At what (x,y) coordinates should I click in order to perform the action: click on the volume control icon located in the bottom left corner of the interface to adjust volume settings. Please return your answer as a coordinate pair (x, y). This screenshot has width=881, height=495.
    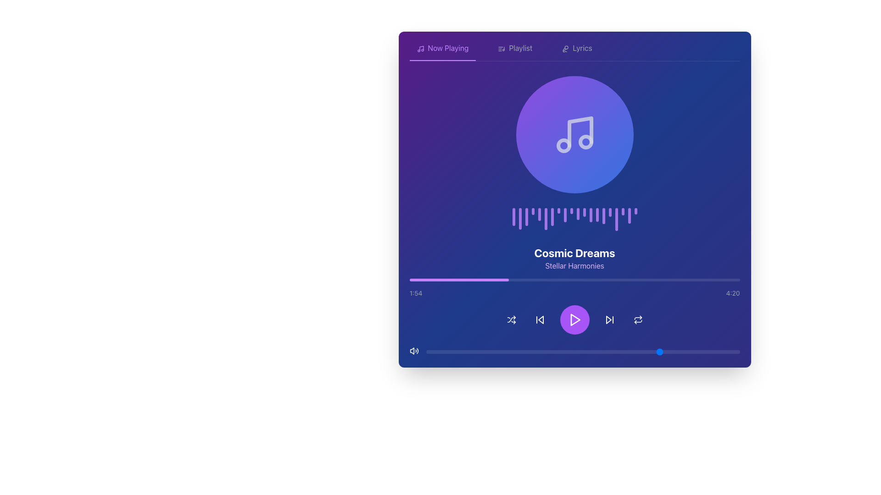
    Looking at the image, I should click on (411, 351).